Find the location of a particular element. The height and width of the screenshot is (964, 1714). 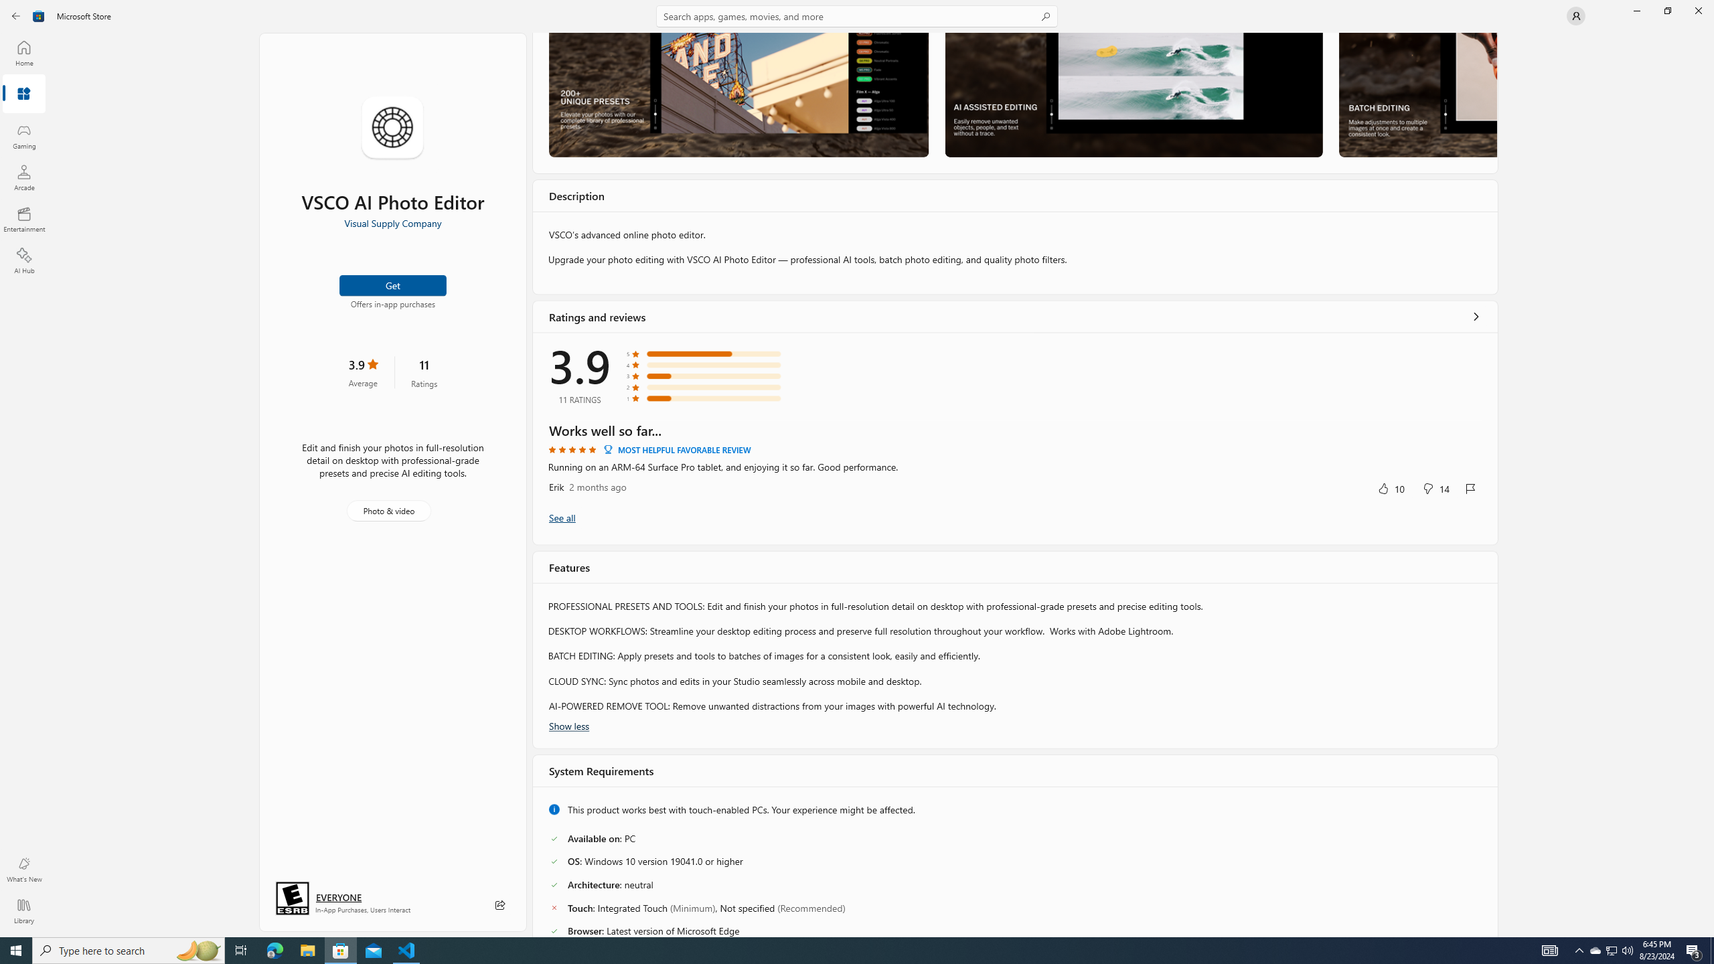

'Back' is located at coordinates (16, 15).